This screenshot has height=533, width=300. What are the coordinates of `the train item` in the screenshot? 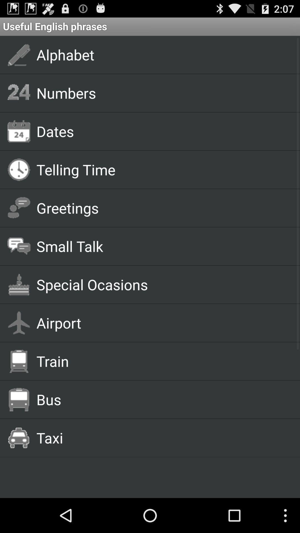 It's located at (162, 361).